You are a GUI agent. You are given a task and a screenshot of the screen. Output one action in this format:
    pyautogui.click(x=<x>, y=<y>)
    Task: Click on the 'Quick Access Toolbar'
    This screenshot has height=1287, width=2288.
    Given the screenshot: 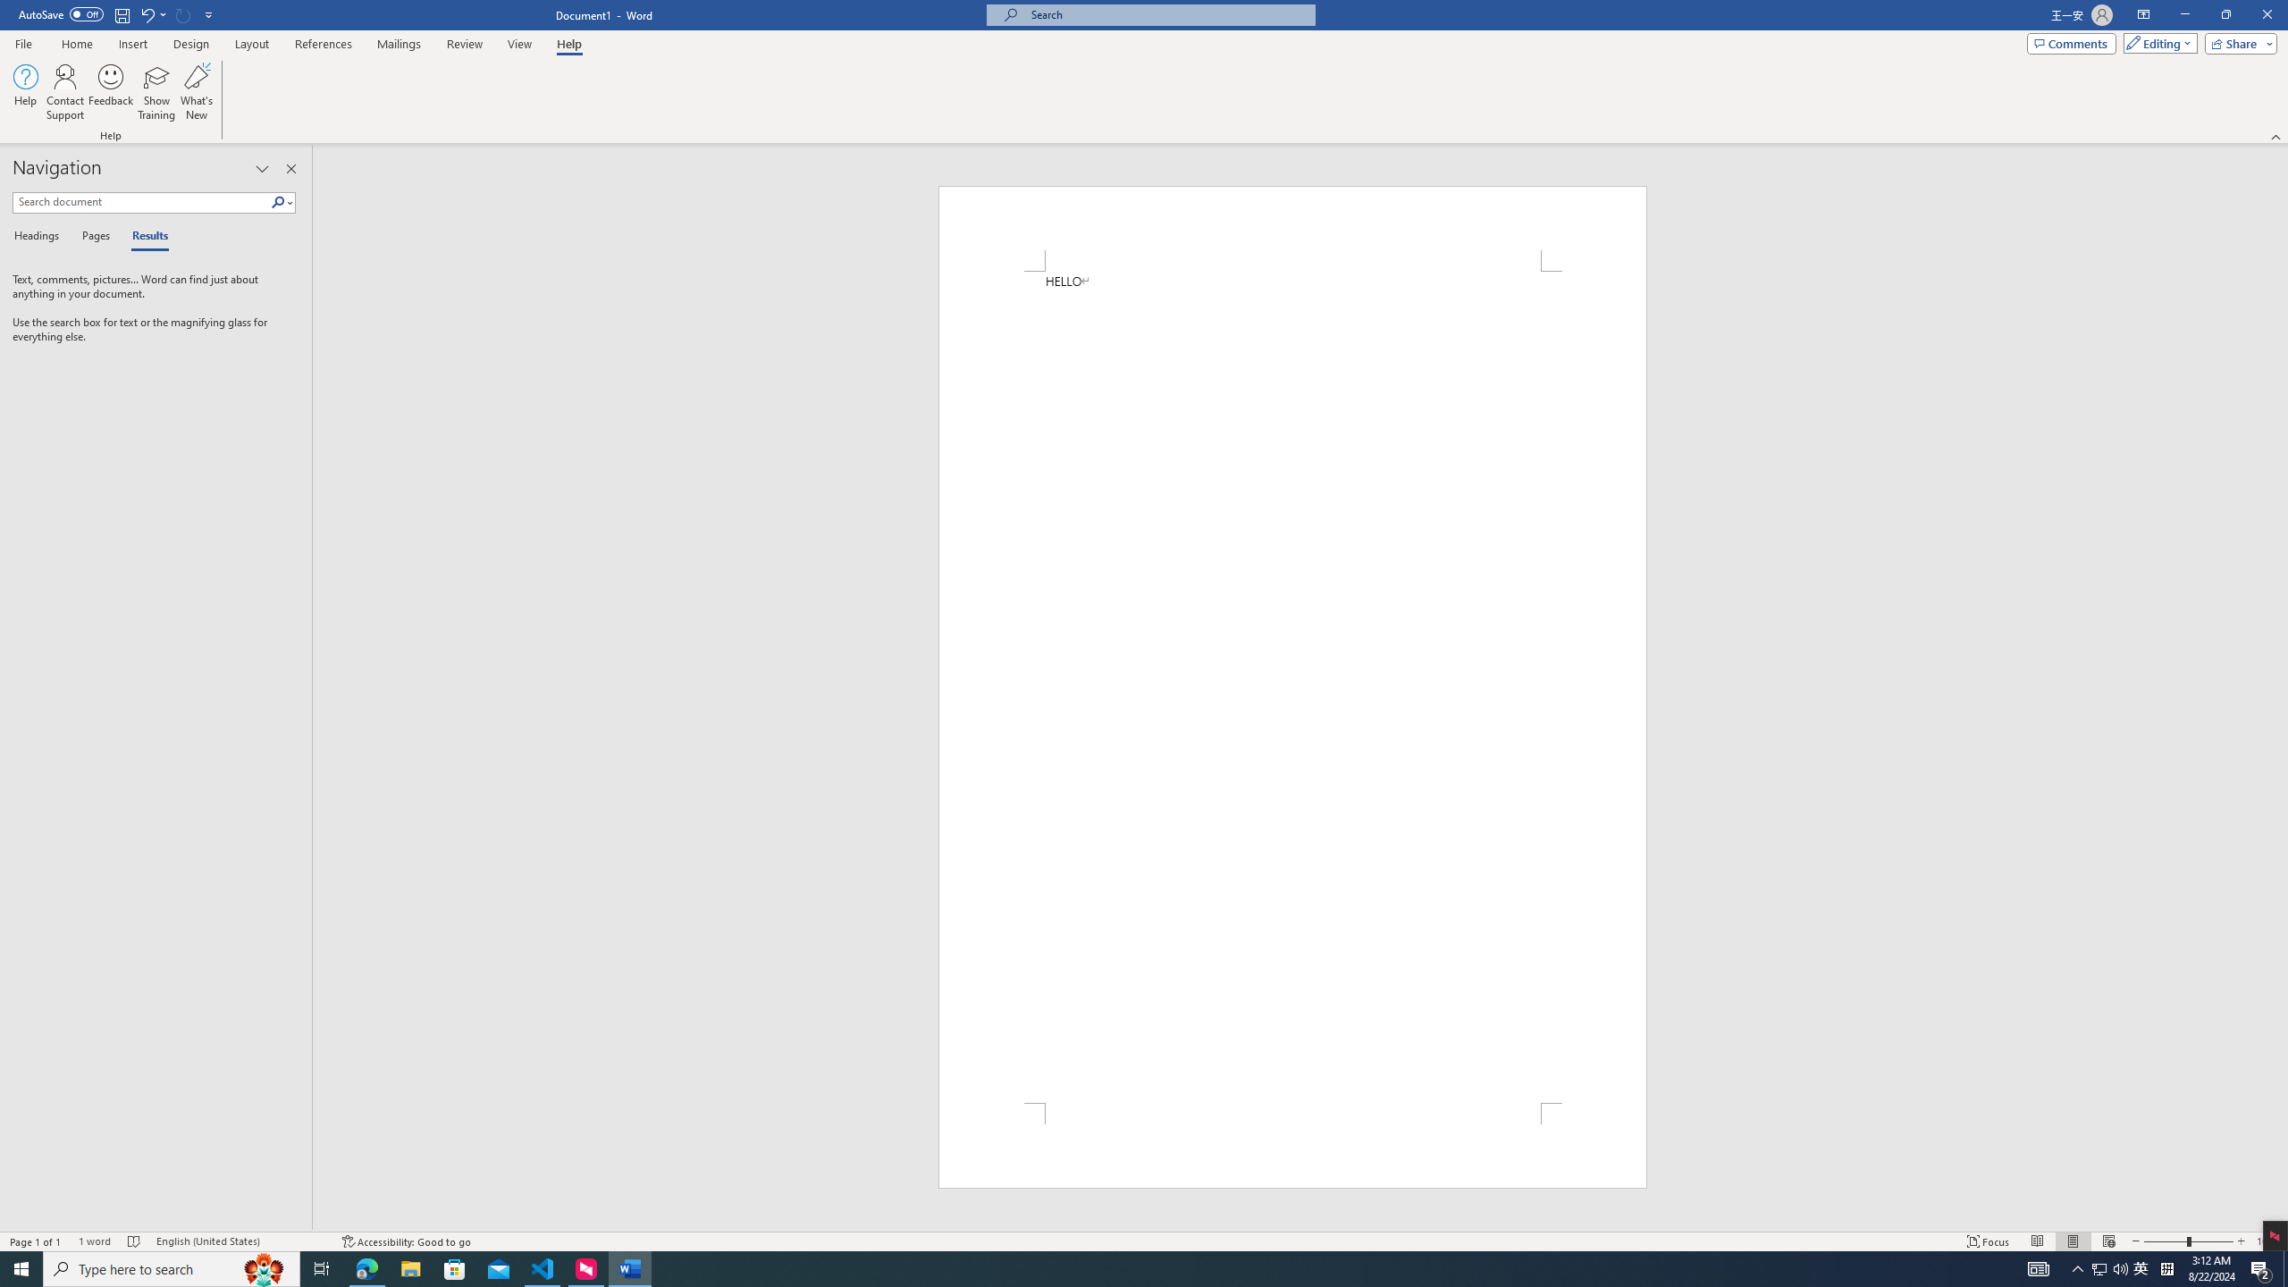 What is the action you would take?
    pyautogui.click(x=116, y=14)
    